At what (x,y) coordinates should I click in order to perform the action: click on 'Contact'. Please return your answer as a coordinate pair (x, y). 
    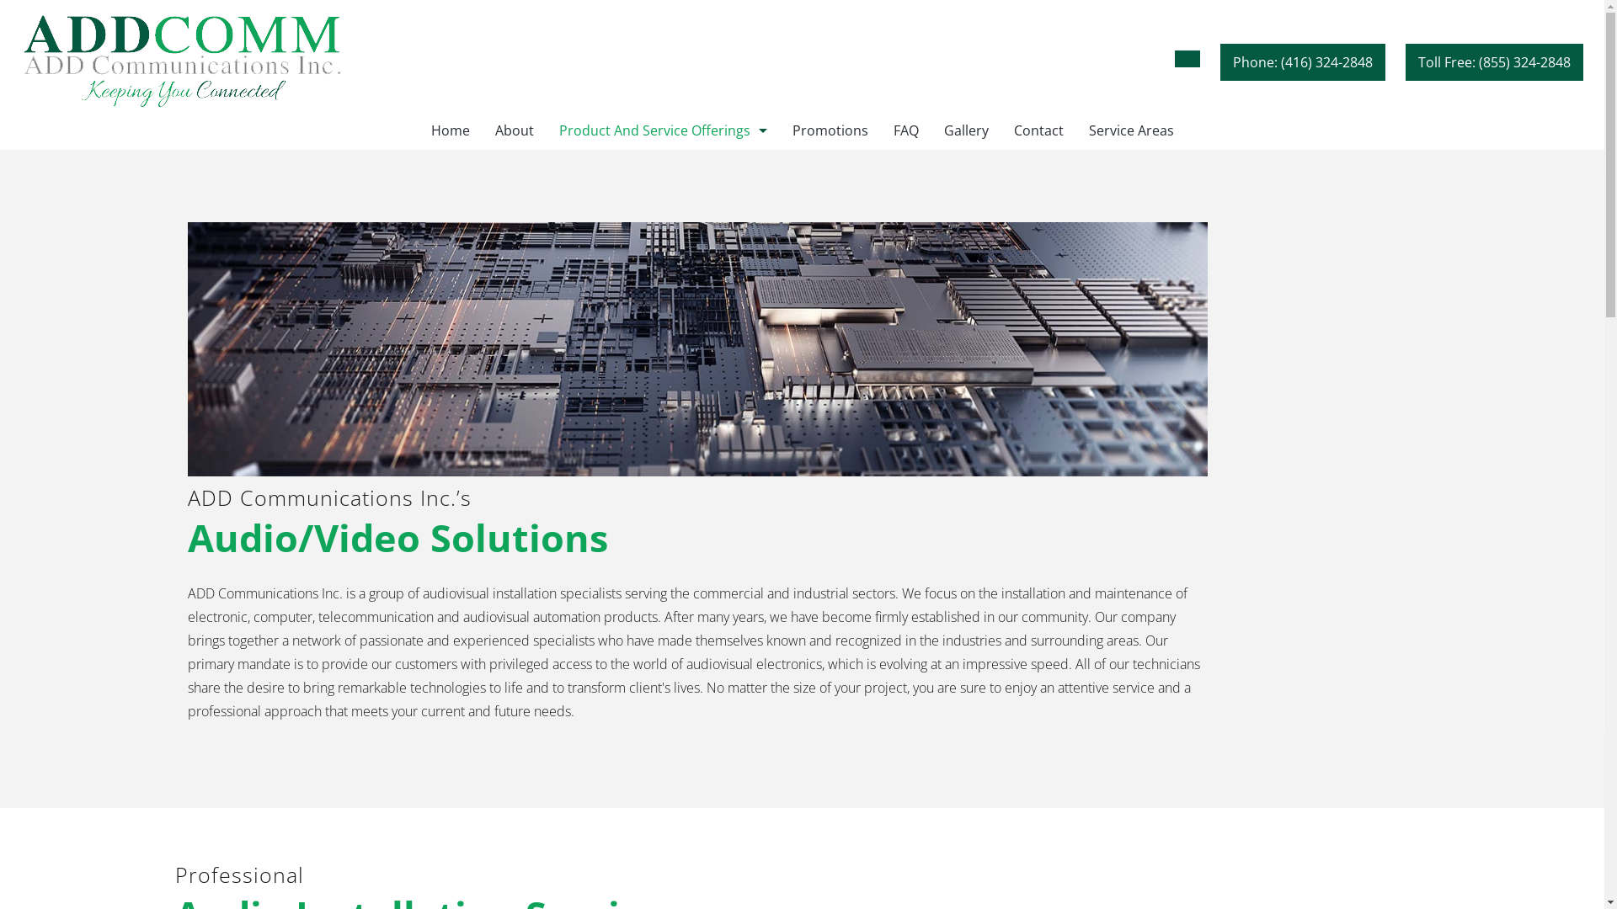
    Looking at the image, I should click on (1037, 130).